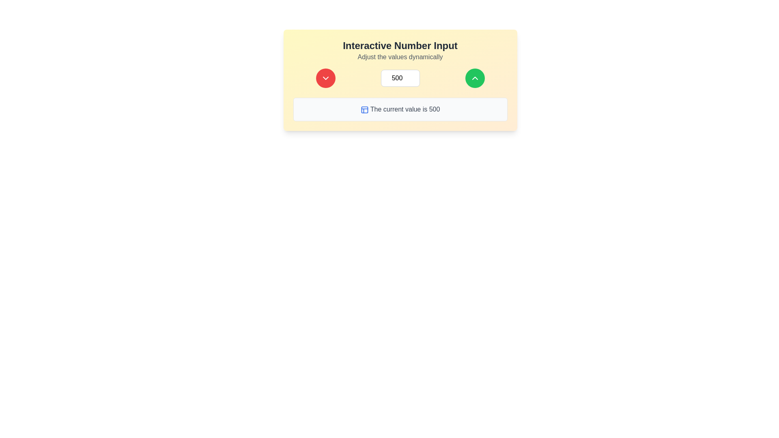 The width and height of the screenshot is (779, 438). I want to click on the SVG icon located to the left of the text 'The current value is 500' within the white rectangular box, so click(364, 109).